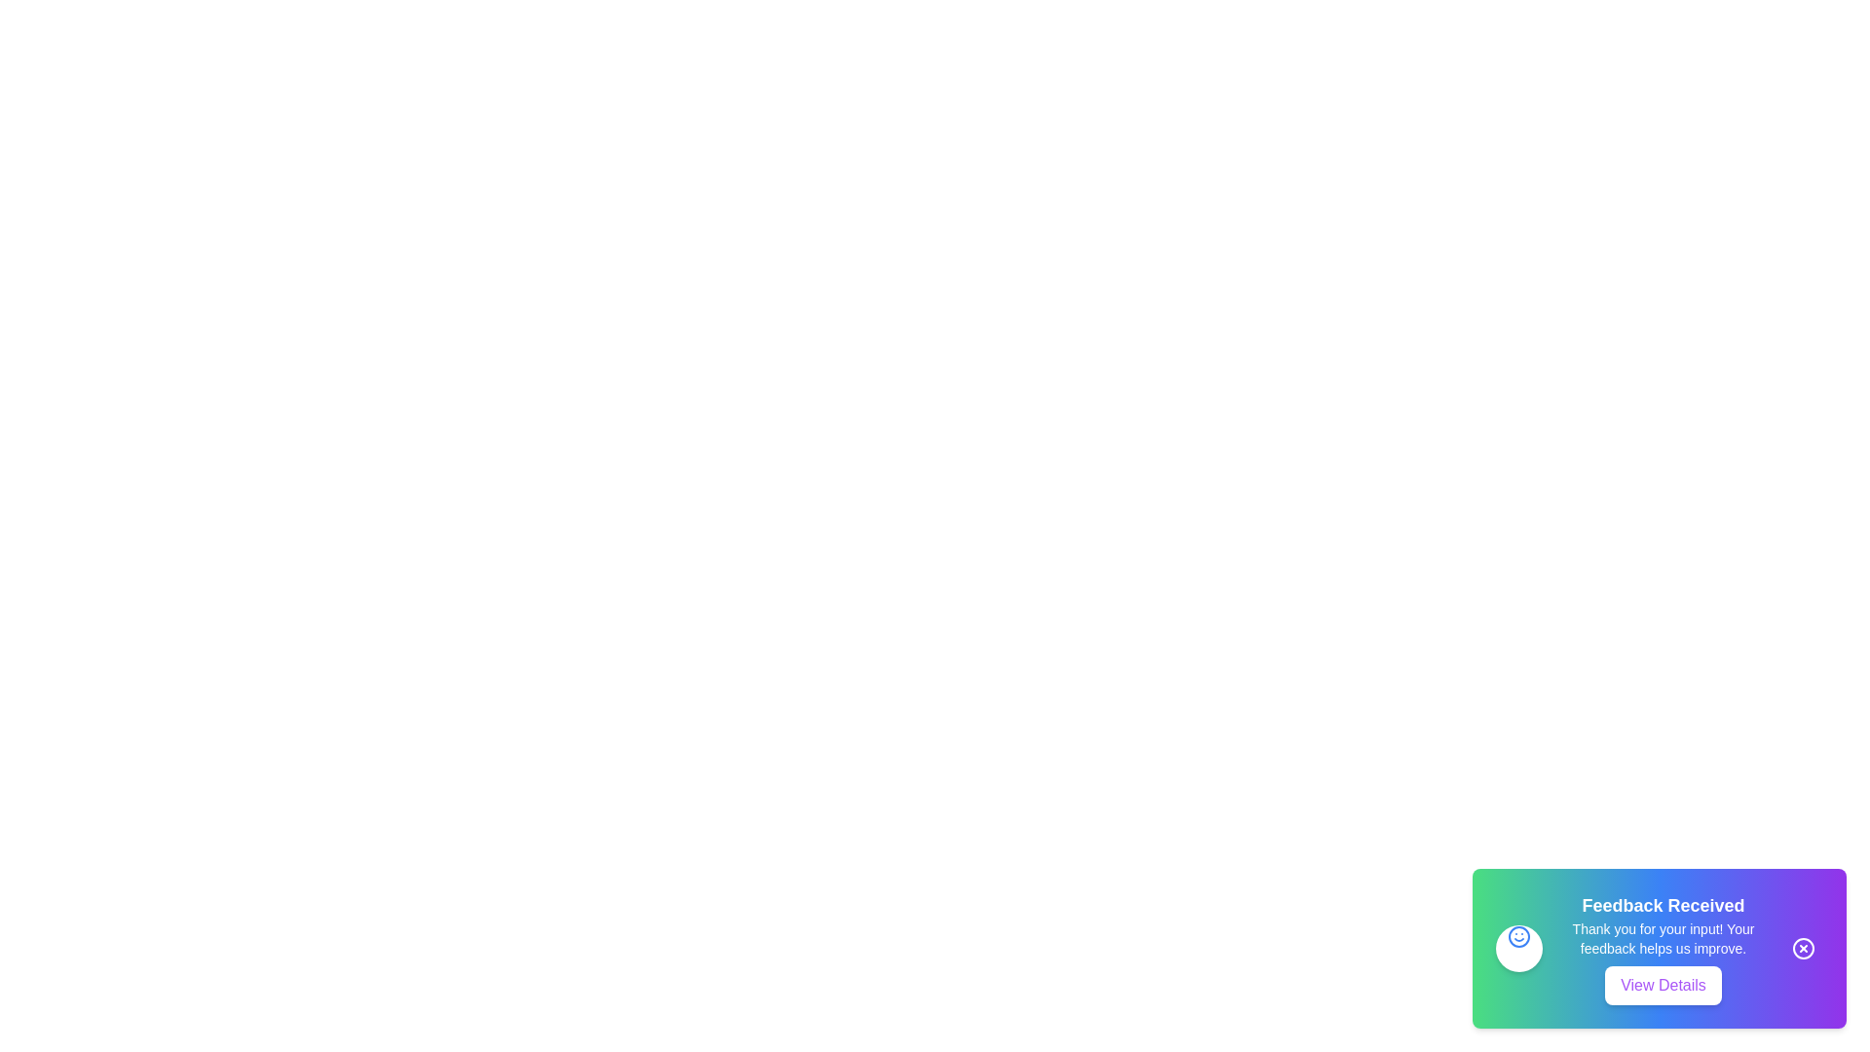  Describe the element at coordinates (1663, 985) in the screenshot. I see `the 'View Details' button to navigate to more information` at that location.